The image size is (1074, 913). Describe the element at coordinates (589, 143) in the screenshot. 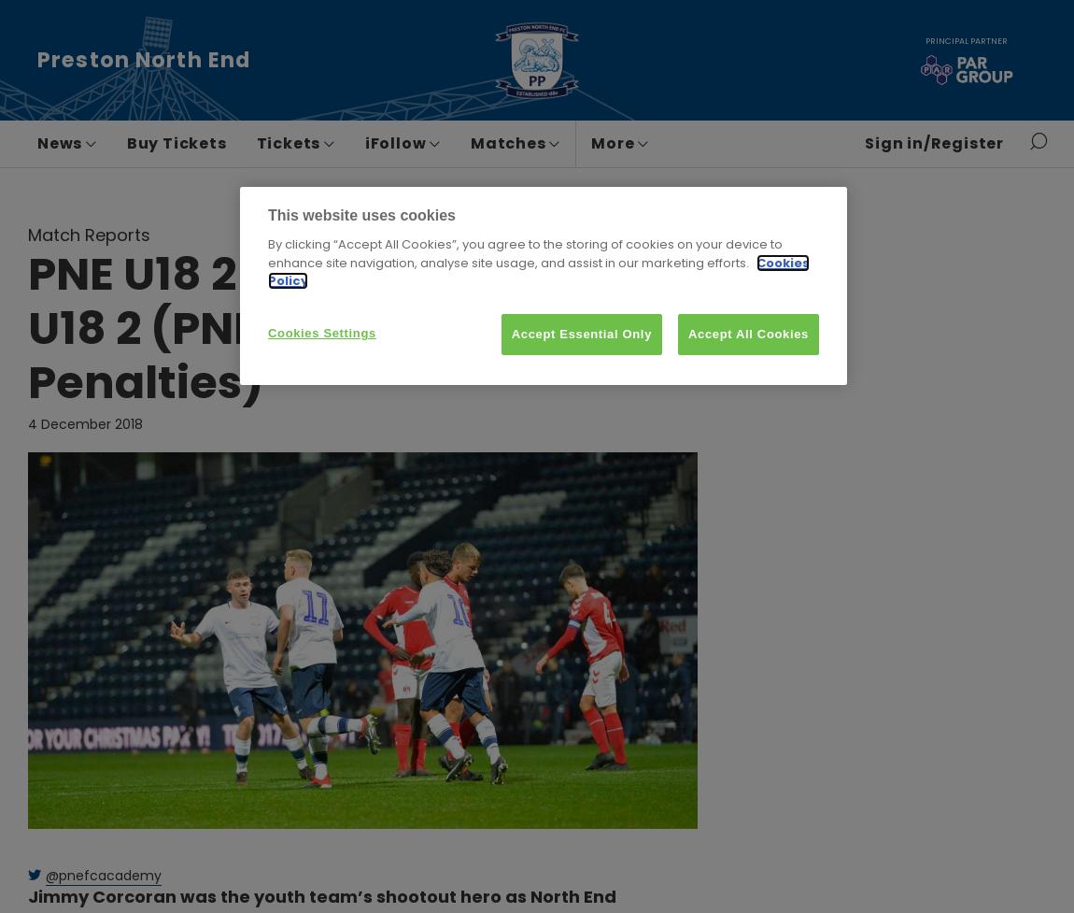

I see `'More'` at that location.